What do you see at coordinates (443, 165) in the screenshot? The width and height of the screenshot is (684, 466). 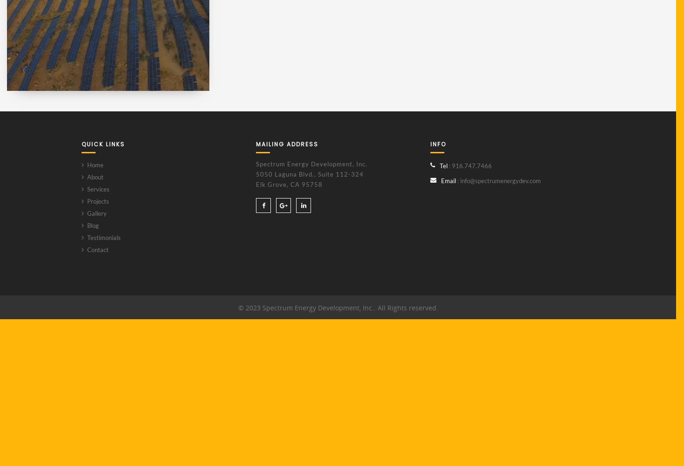 I see `'Tel'` at bounding box center [443, 165].